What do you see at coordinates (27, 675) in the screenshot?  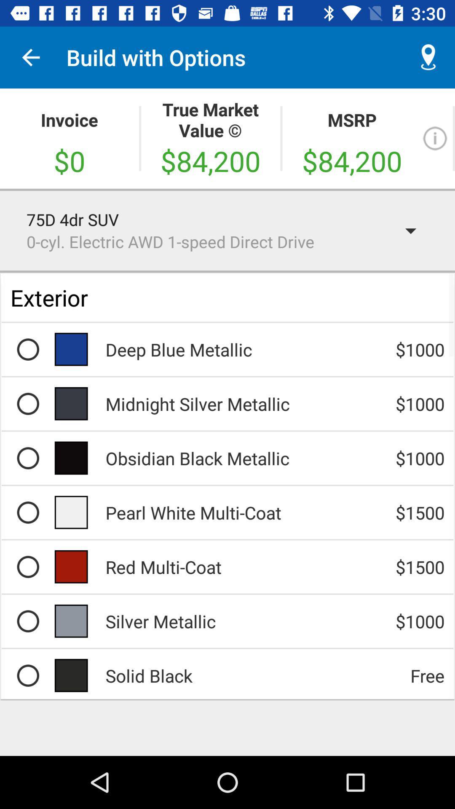 I see `color` at bounding box center [27, 675].